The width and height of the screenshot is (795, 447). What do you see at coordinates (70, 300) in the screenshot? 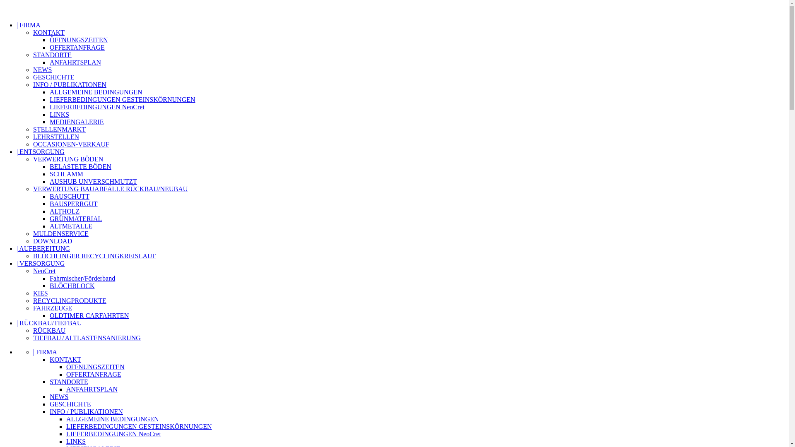
I see `'RECYCLINGPRODUKTE'` at bounding box center [70, 300].